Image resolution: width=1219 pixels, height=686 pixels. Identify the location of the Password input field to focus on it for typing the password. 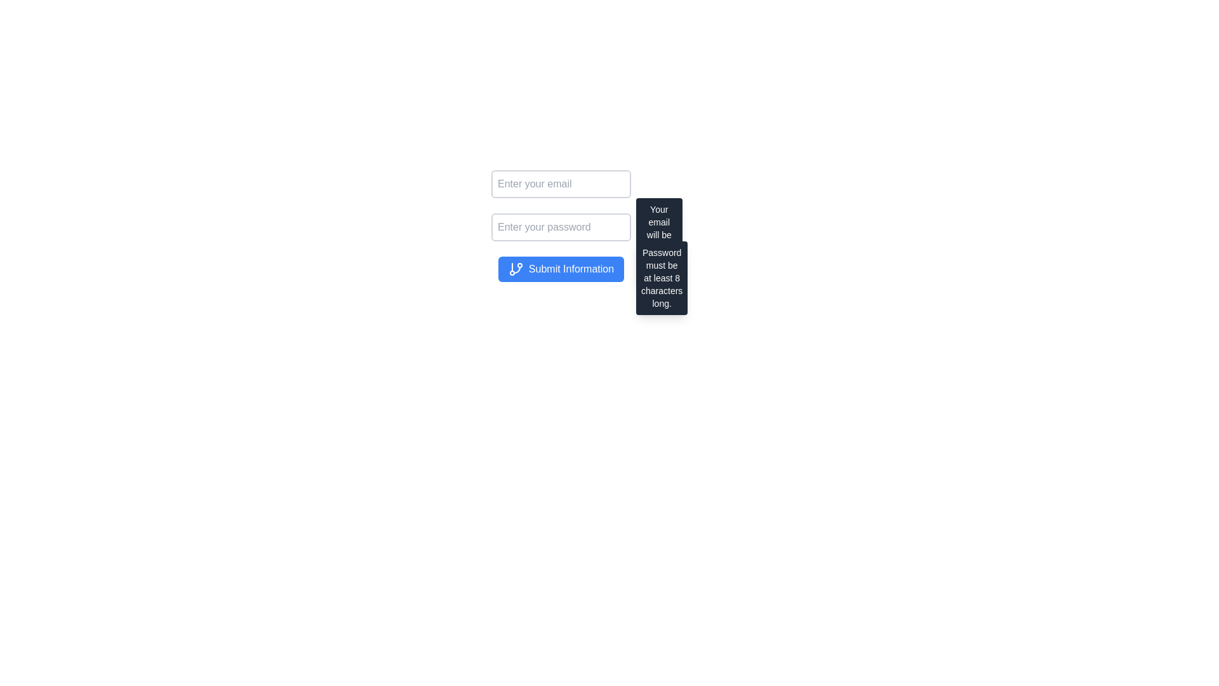
(560, 227).